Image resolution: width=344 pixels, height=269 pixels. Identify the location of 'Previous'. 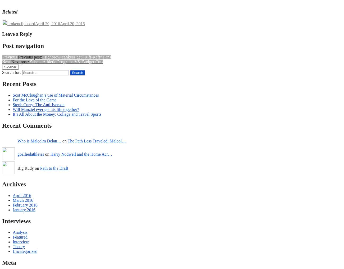
(9, 57).